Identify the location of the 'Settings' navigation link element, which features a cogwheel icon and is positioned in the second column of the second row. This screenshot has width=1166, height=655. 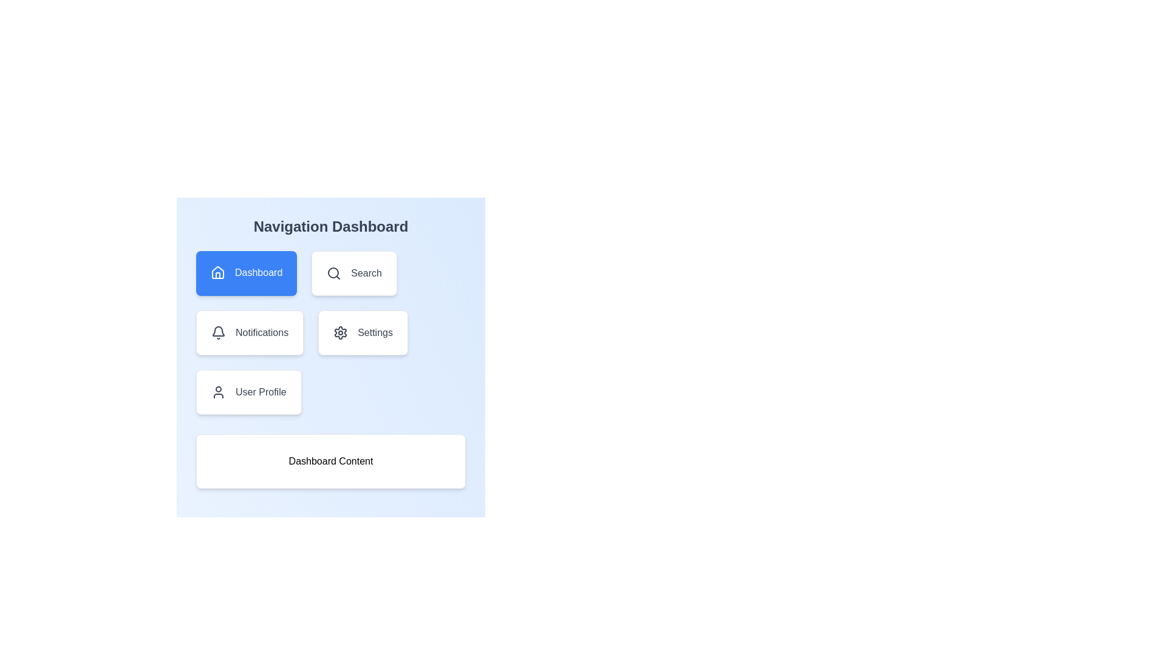
(363, 332).